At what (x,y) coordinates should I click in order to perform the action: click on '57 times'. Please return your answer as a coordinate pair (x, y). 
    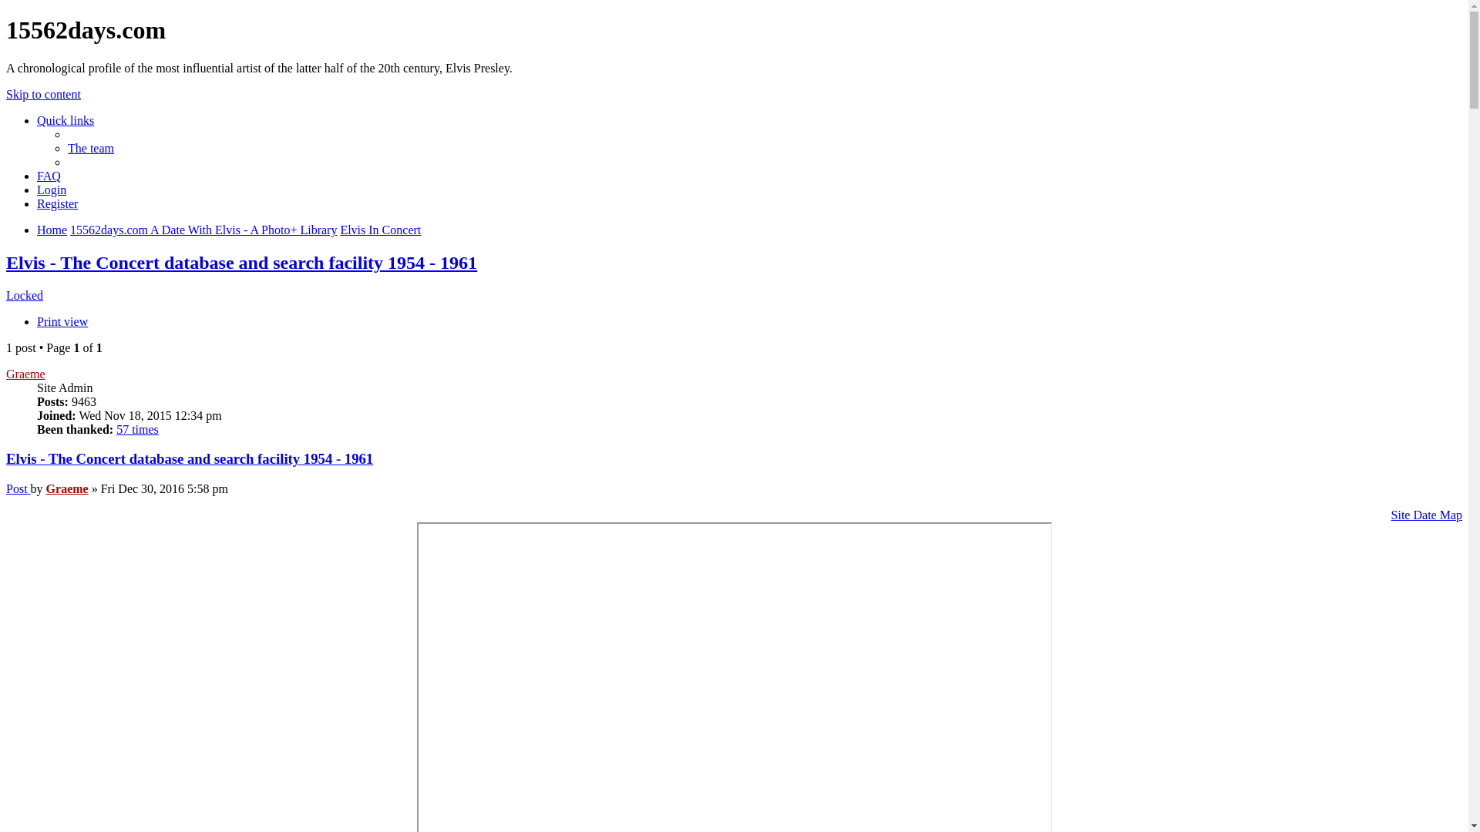
    Looking at the image, I should click on (137, 429).